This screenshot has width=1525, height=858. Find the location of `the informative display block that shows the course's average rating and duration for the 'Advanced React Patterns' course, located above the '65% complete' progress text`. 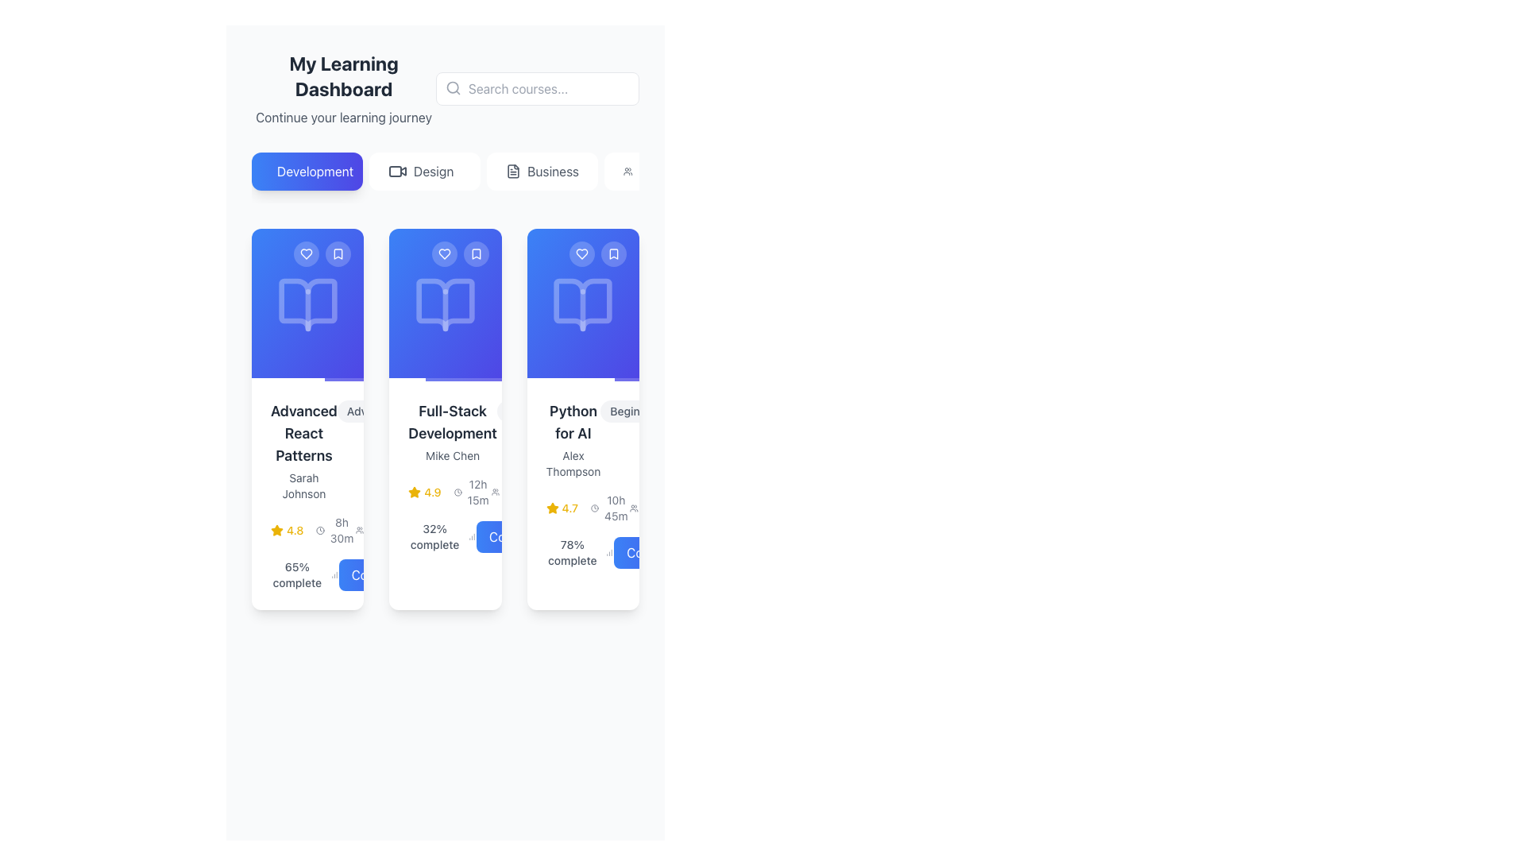

the informative display block that shows the course's average rating and duration for the 'Advanced React Patterns' course, located above the '65% complete' progress text is located at coordinates (307, 530).